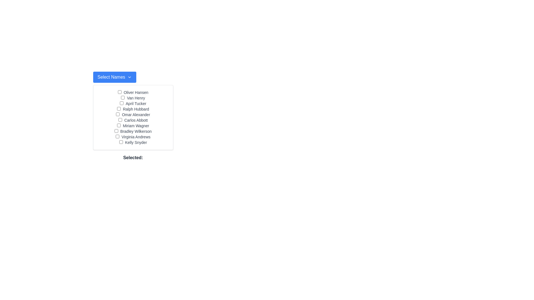 The image size is (534, 300). I want to click on the checkbox labeled 'Van Henry', so click(122, 97).